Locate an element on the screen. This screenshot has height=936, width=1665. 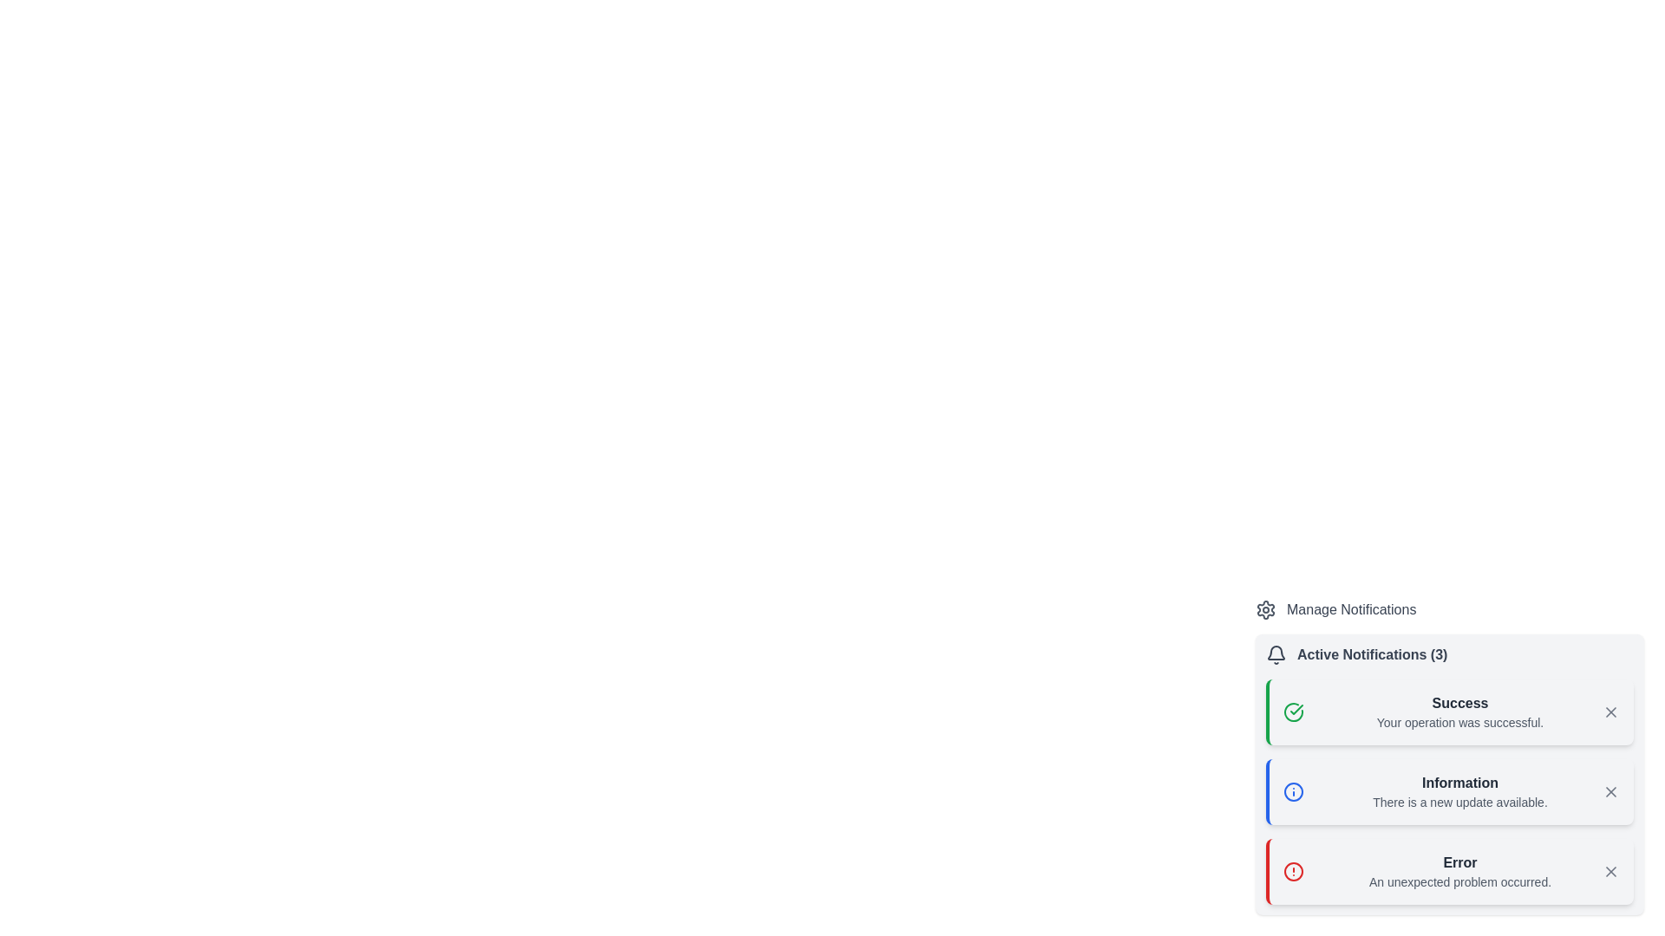
text label indicating the current count of active notifications, which is horizontally aligned with a bell icon on its left and located within a notification summary box near the upper part of the box is located at coordinates (1371, 655).